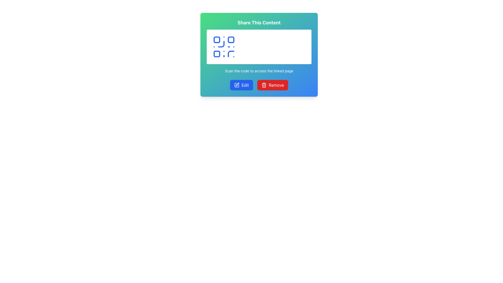  Describe the element at coordinates (264, 85) in the screenshot. I see `the red trash bin icon within the red 'Remove' button at the bottom-right of the 'Share This Content' dialog` at that location.